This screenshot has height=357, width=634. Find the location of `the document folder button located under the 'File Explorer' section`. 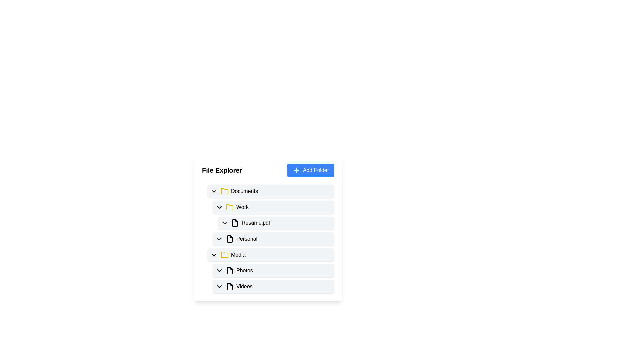

the document folder button located under the 'File Explorer' section is located at coordinates (271, 191).